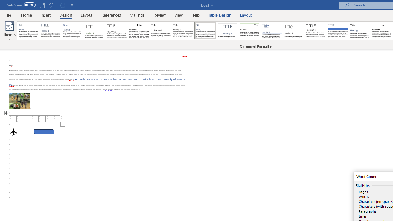 Image resolution: width=393 pixels, height=221 pixels. I want to click on 'Undo Apply Quick Style Set', so click(52, 5).